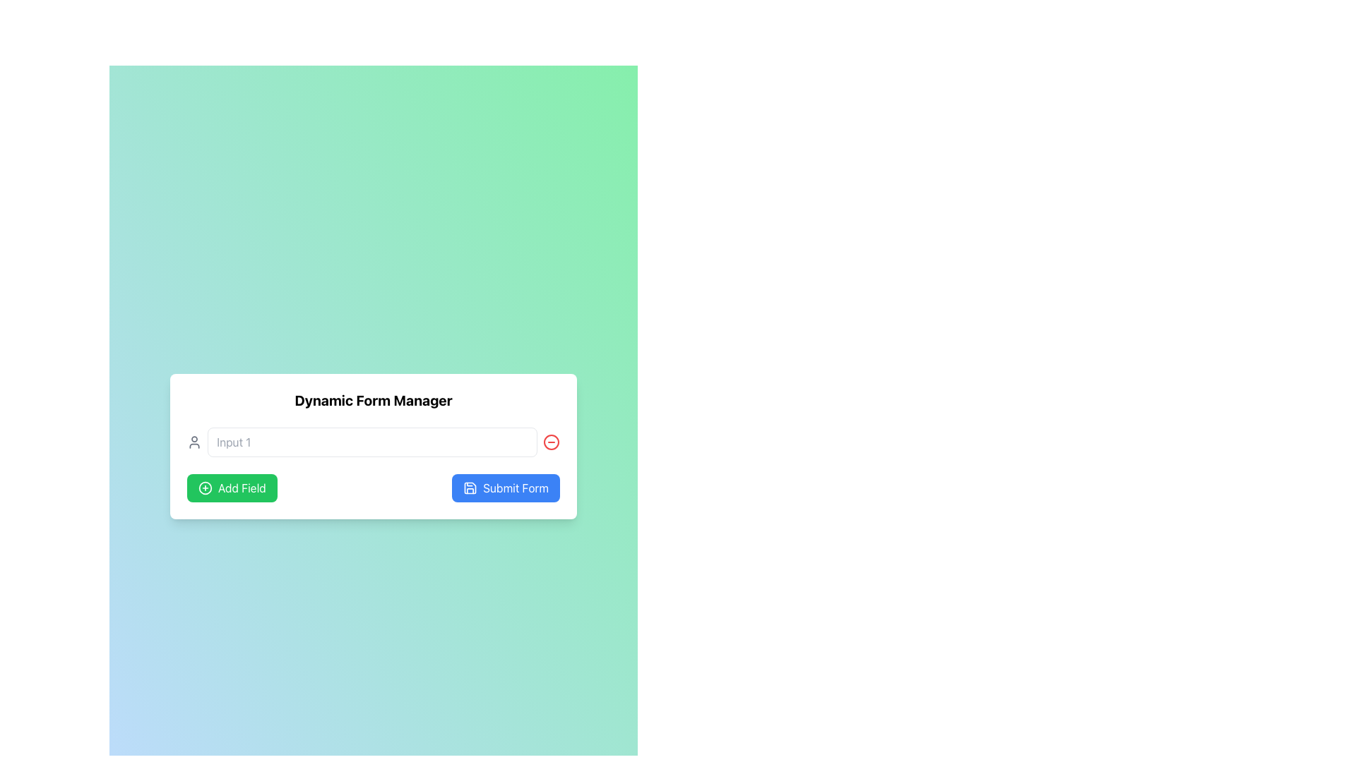 The image size is (1356, 762). What do you see at coordinates (470, 487) in the screenshot?
I see `the save icon, which is styled with an outline design resembling a floppy disk, located to the left of the text 'Submit Form' within a rounded blue button at the bottom right corner of the form interface` at bounding box center [470, 487].